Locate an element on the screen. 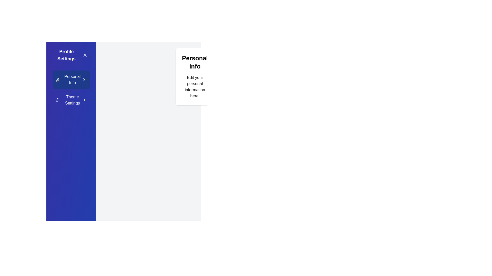 The width and height of the screenshot is (492, 276). the right-pointing arrow icon in the 'Personal Info' menu option, which is styled as a minimalist vector graphic in white against a blue background is located at coordinates (84, 80).